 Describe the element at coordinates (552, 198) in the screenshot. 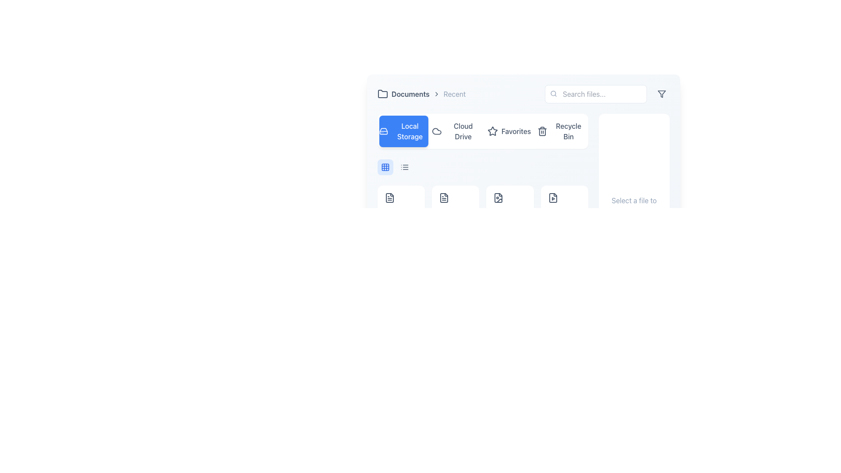

I see `the small video file icon with a play button located` at that location.